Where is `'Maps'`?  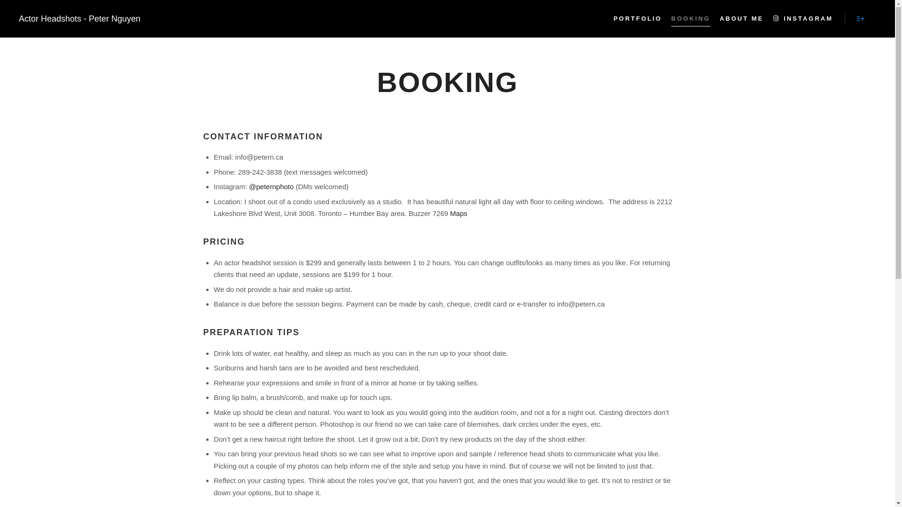
'Maps' is located at coordinates (459, 213).